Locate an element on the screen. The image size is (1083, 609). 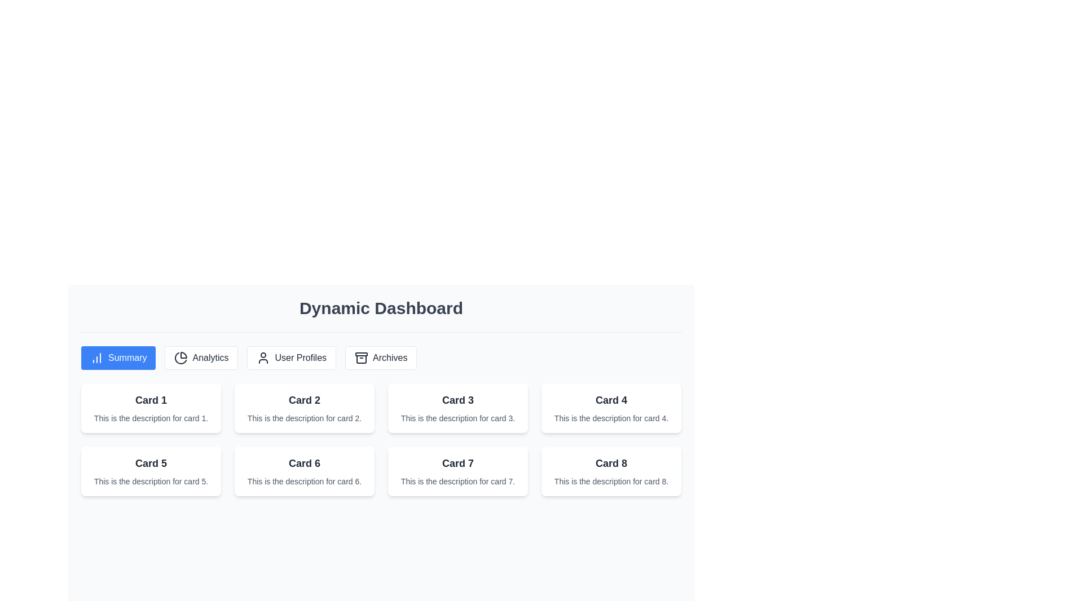
the 'Analytics' button, which is styled with dark text and a pie chart icon, located in the top navigation bar of the interface is located at coordinates (201, 358).